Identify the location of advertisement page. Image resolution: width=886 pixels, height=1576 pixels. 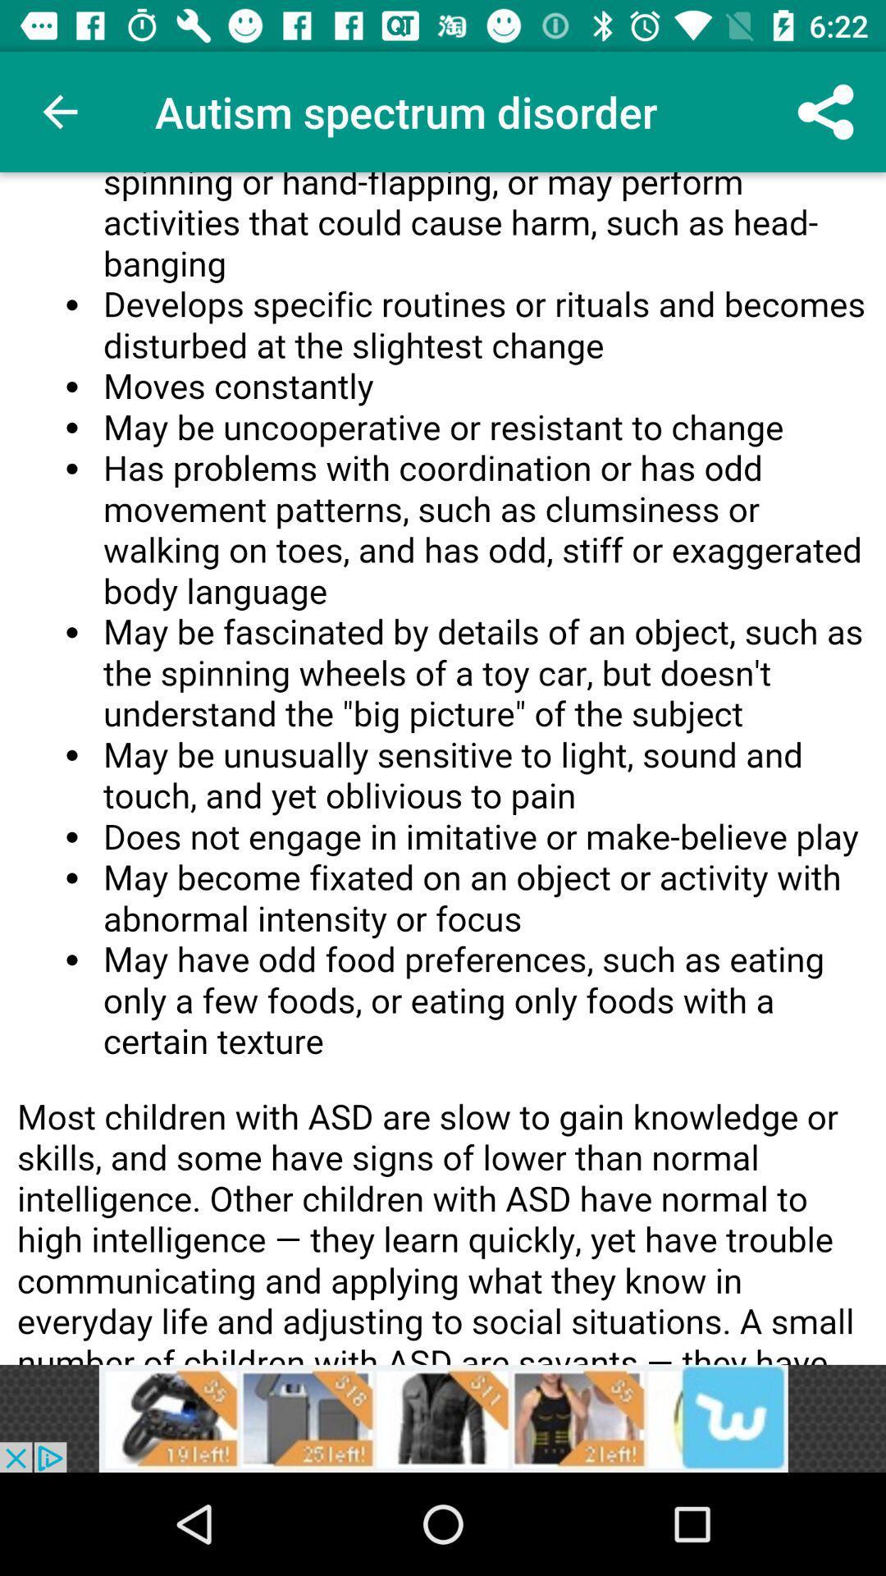
(443, 767).